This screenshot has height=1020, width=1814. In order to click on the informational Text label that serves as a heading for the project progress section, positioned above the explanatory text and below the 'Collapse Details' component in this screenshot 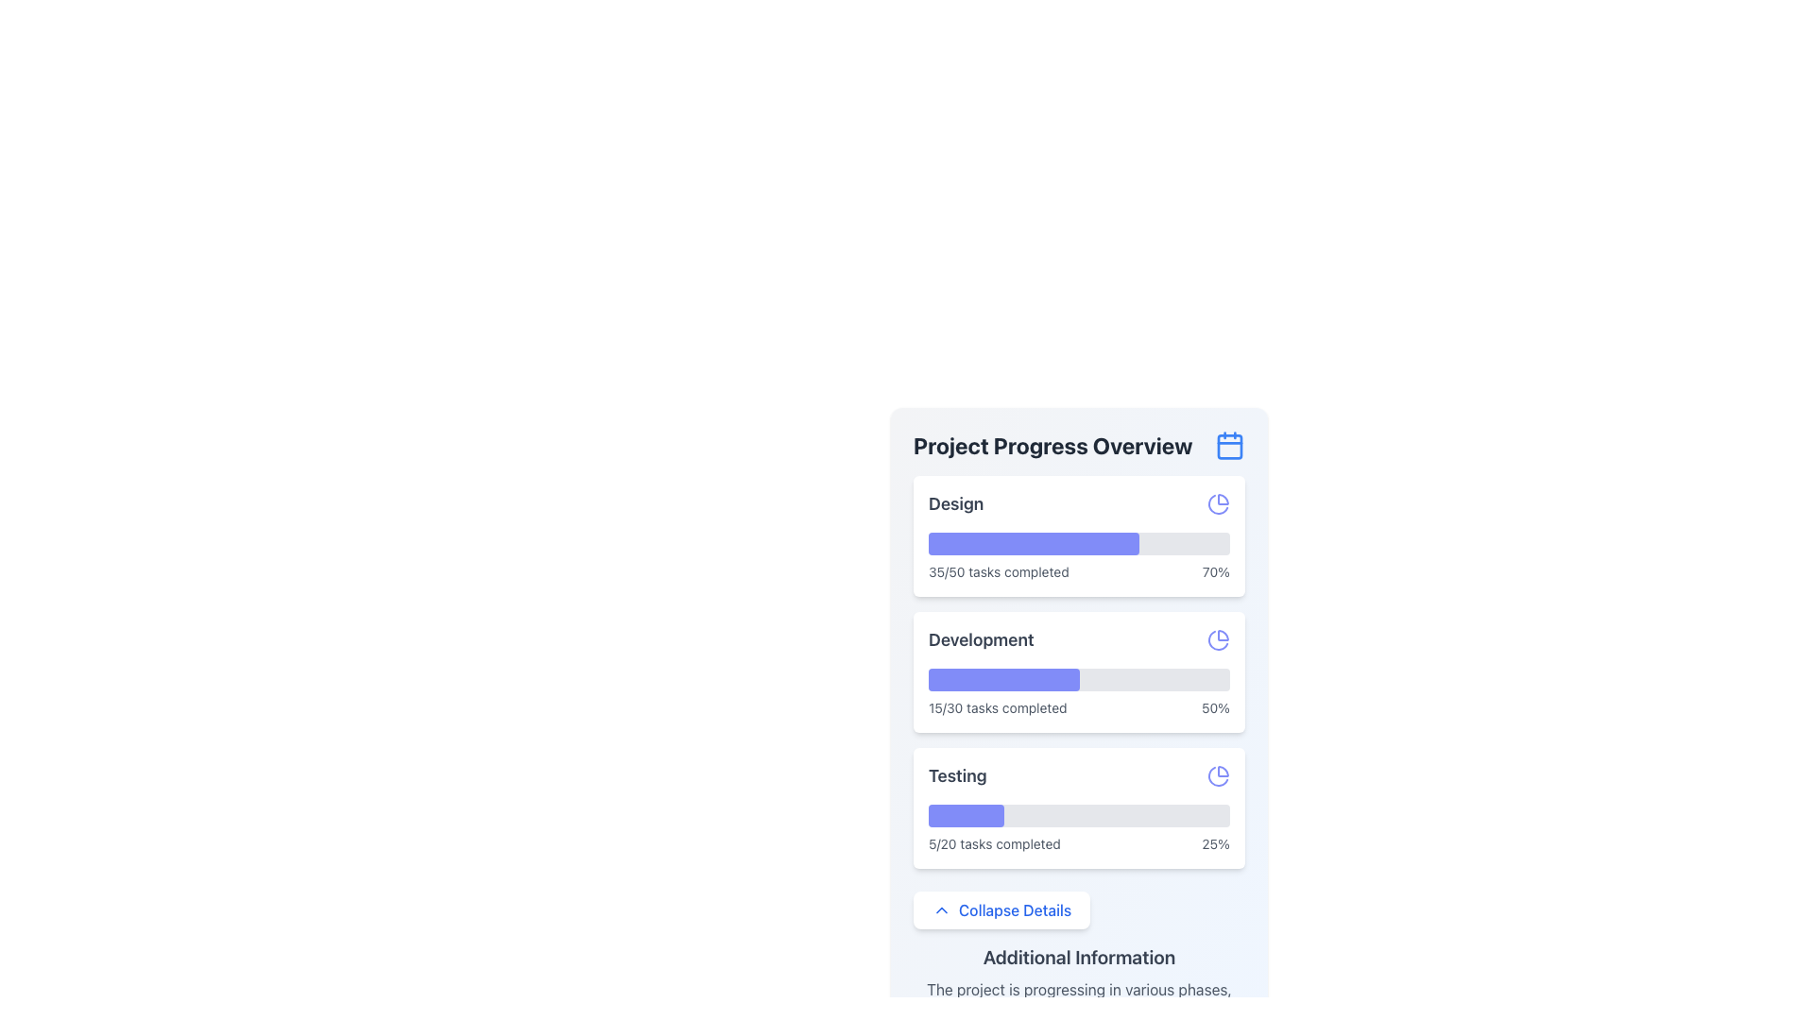, I will do `click(1079, 958)`.